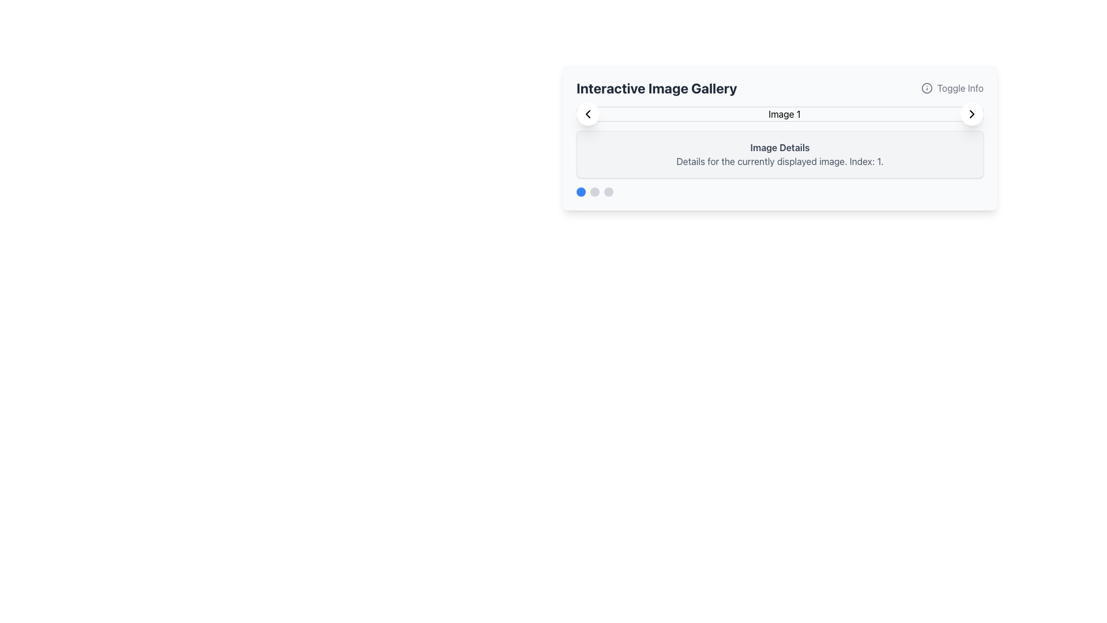 This screenshot has width=1107, height=623. I want to click on the rightward pointing chevron arrow icon within the 'Interactive Image Gallery' panel, so click(971, 114).